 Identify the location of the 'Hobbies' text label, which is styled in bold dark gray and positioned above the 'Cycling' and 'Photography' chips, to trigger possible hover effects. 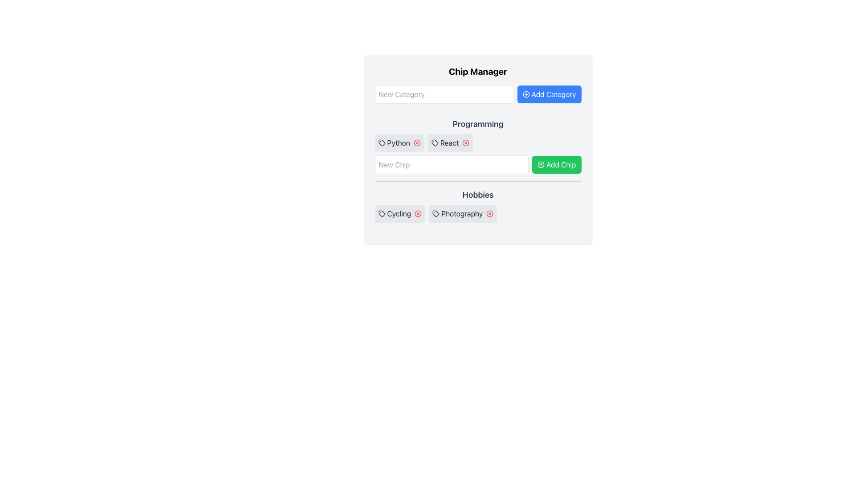
(477, 195).